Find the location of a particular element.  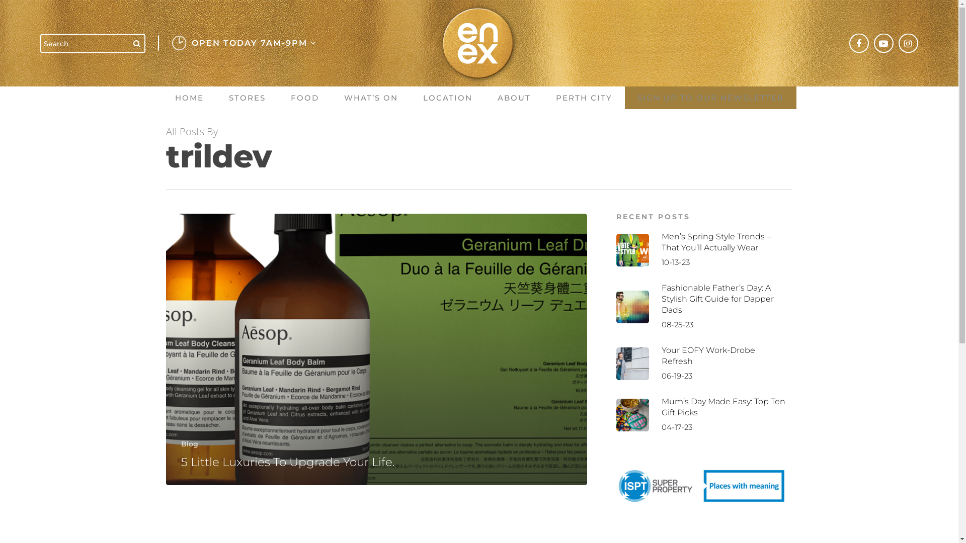

'Your EOFY Work-Drobe Refresh is located at coordinates (702, 363).